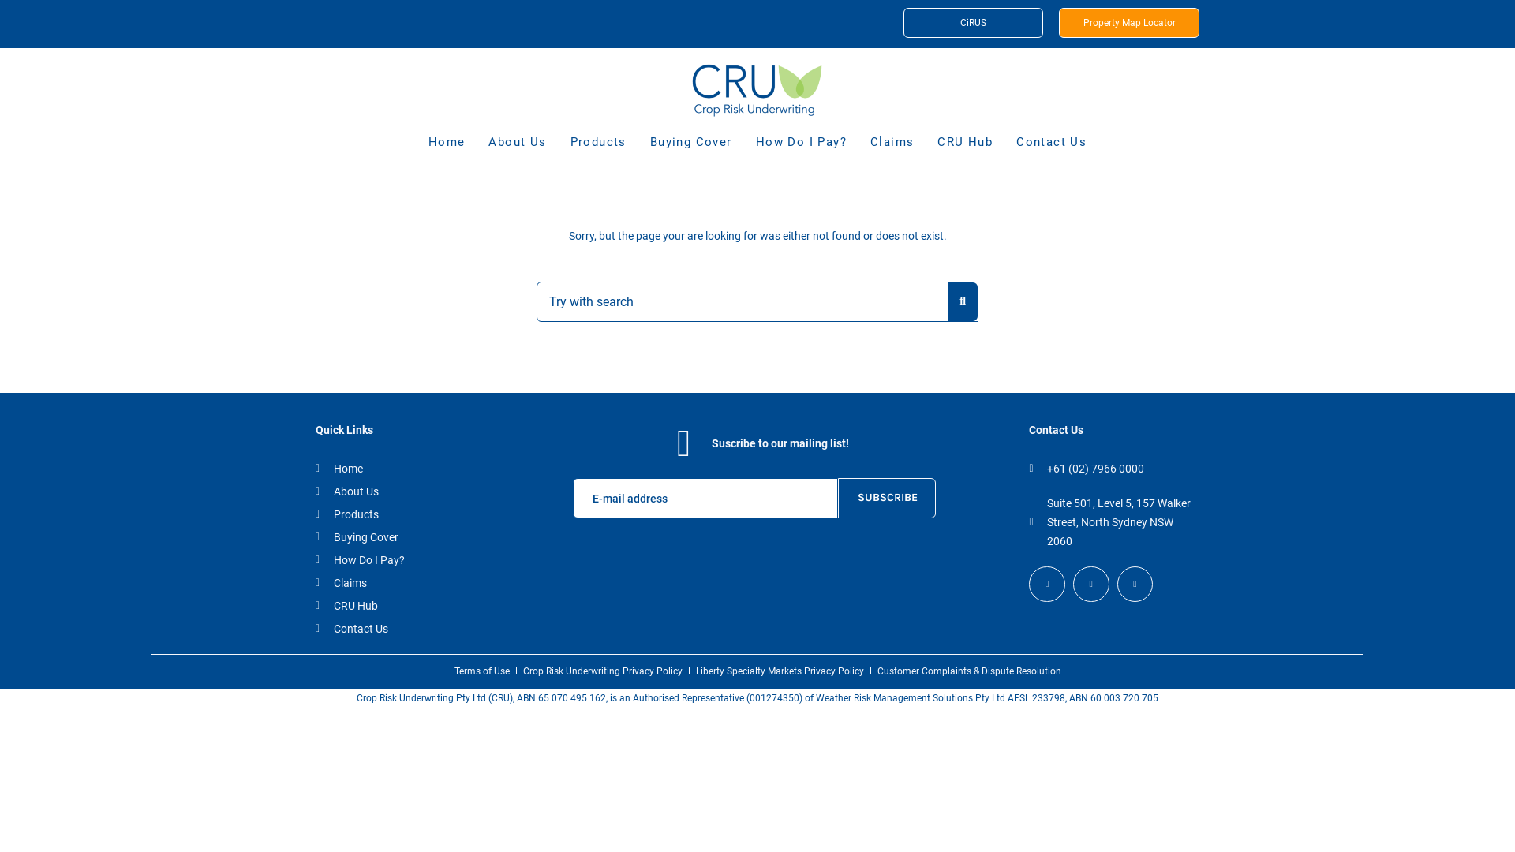  What do you see at coordinates (780, 671) in the screenshot?
I see `'Liberty Specialty Markets Privacy Policy'` at bounding box center [780, 671].